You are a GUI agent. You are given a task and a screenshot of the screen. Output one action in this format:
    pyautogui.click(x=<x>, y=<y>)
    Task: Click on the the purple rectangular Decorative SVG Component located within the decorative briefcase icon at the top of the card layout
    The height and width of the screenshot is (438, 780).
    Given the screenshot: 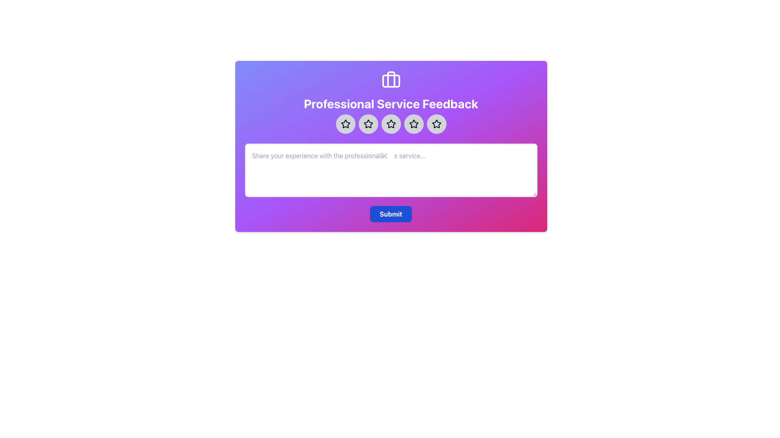 What is the action you would take?
    pyautogui.click(x=391, y=81)
    